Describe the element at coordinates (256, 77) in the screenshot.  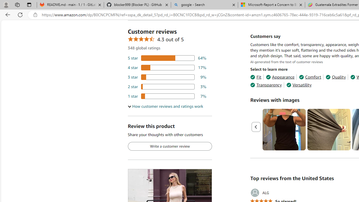
I see `'Fit'` at that location.